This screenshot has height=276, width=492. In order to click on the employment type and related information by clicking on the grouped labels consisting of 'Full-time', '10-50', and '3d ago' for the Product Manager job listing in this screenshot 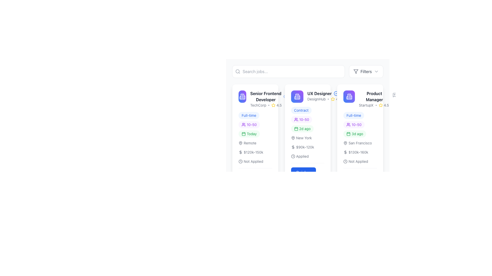, I will do `click(360, 125)`.